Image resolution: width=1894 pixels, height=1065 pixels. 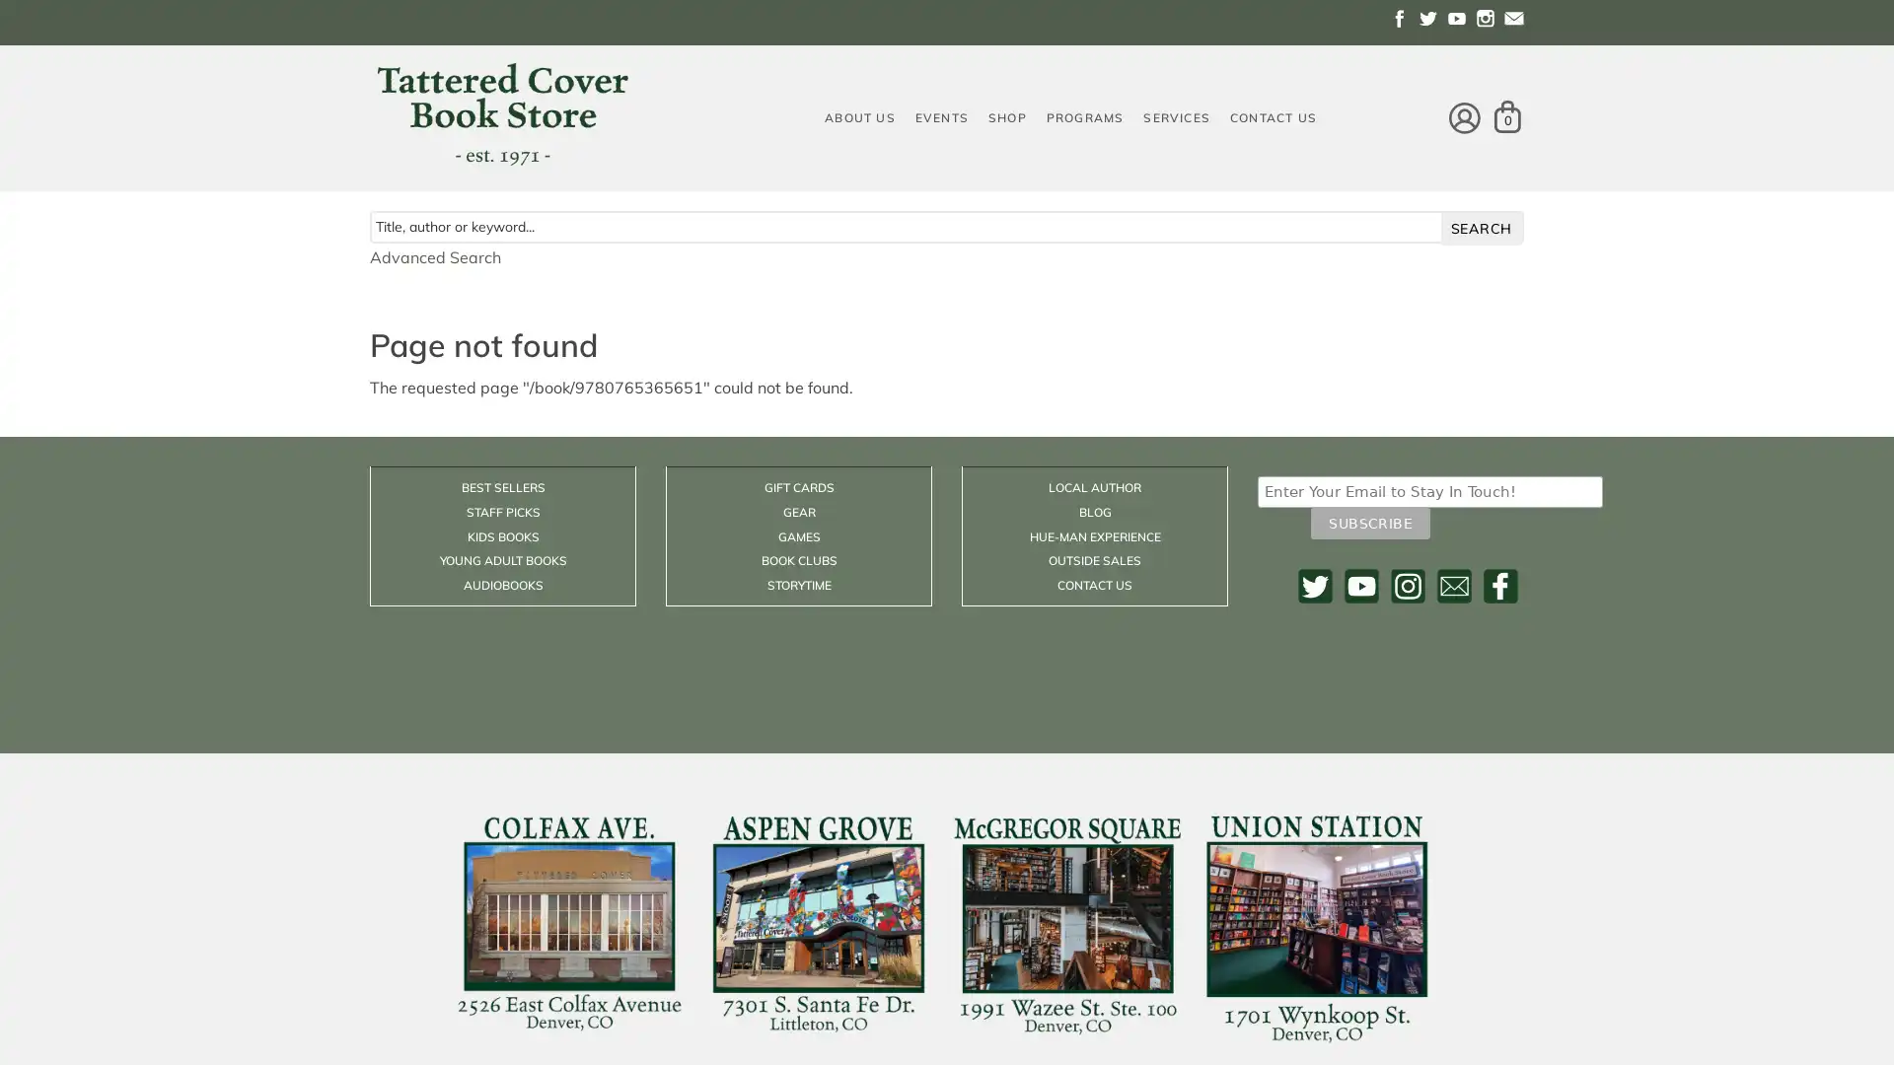 I want to click on Subscribe, so click(x=1369, y=591).